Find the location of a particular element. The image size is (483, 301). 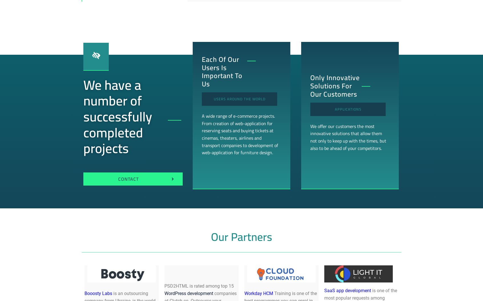

'Only innovative solutions for our customers' is located at coordinates (334, 86).